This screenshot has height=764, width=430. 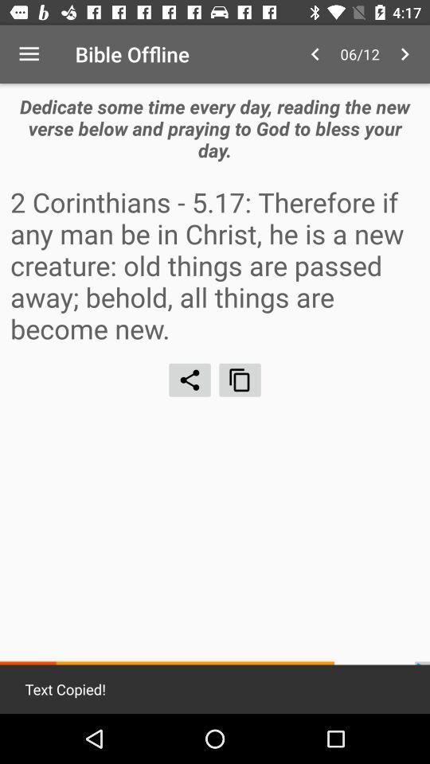 What do you see at coordinates (239, 380) in the screenshot?
I see `the copy icon` at bounding box center [239, 380].